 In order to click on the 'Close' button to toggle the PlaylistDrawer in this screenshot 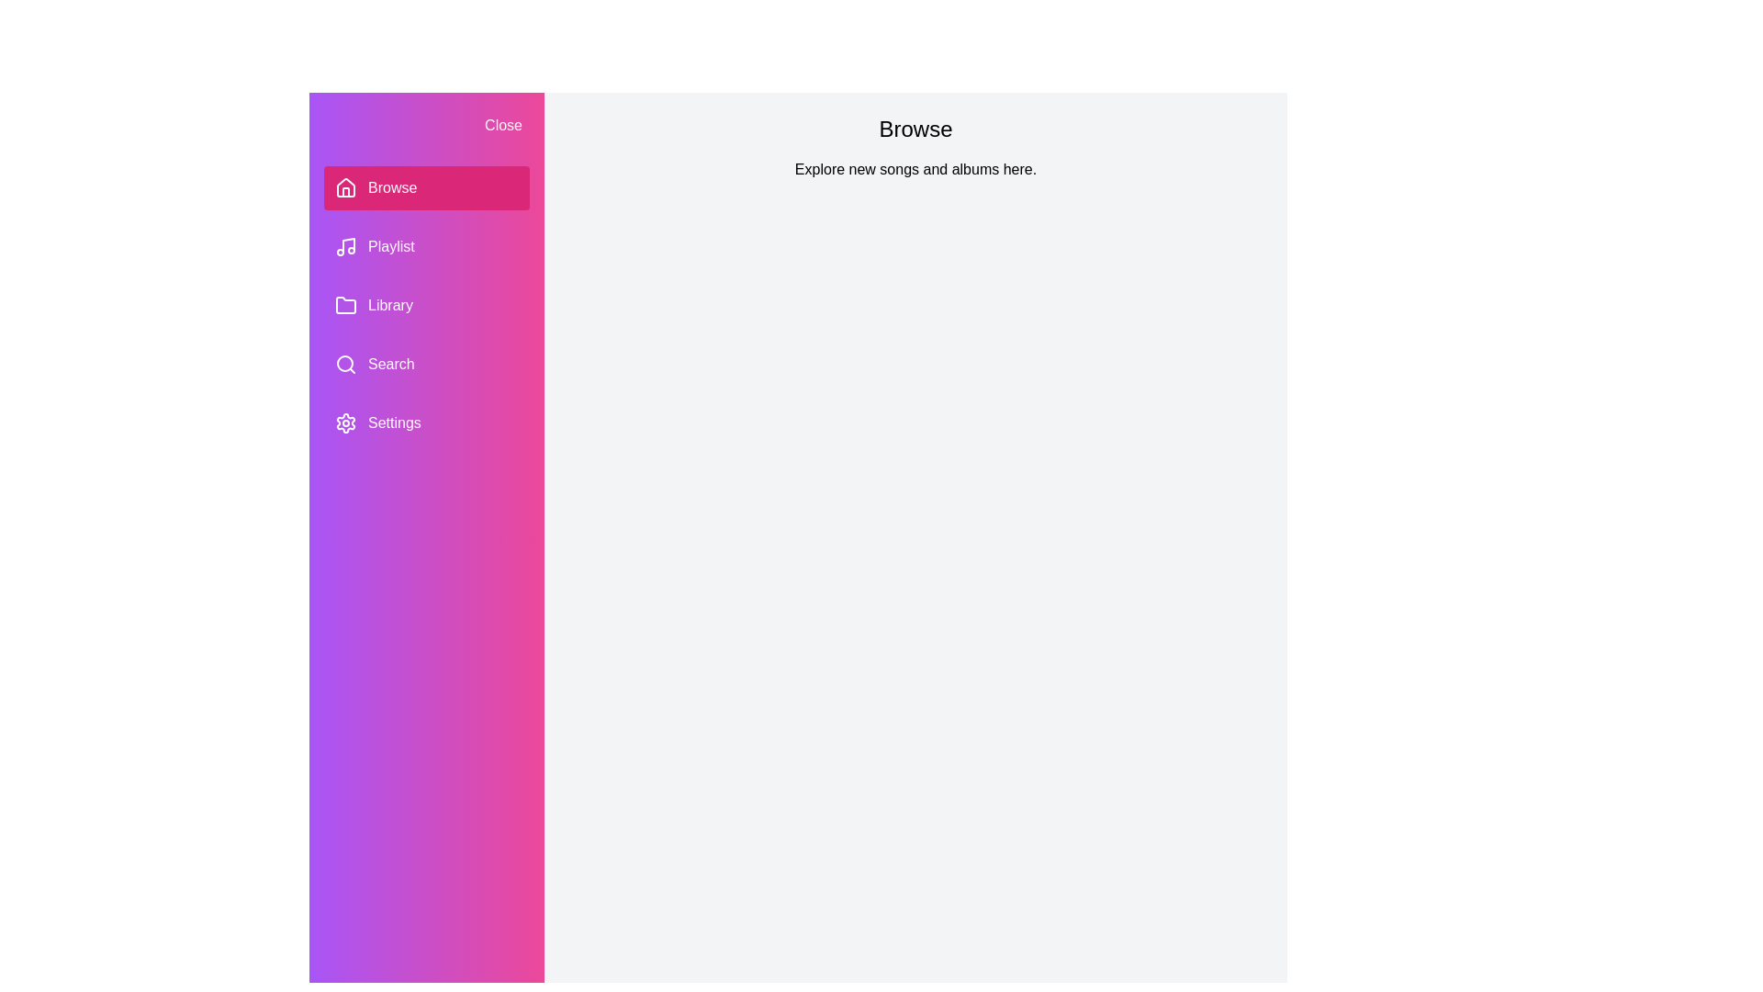, I will do `click(503, 125)`.